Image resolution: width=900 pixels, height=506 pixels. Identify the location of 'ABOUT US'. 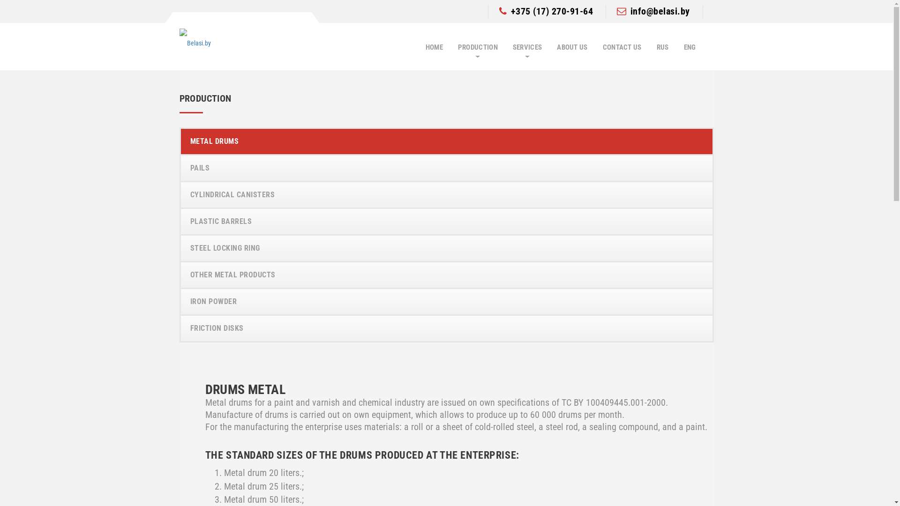
(571, 47).